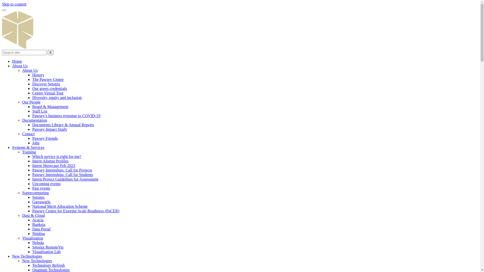 This screenshot has height=272, width=484. Describe the element at coordinates (28, 133) in the screenshot. I see `'Contact'` at that location.